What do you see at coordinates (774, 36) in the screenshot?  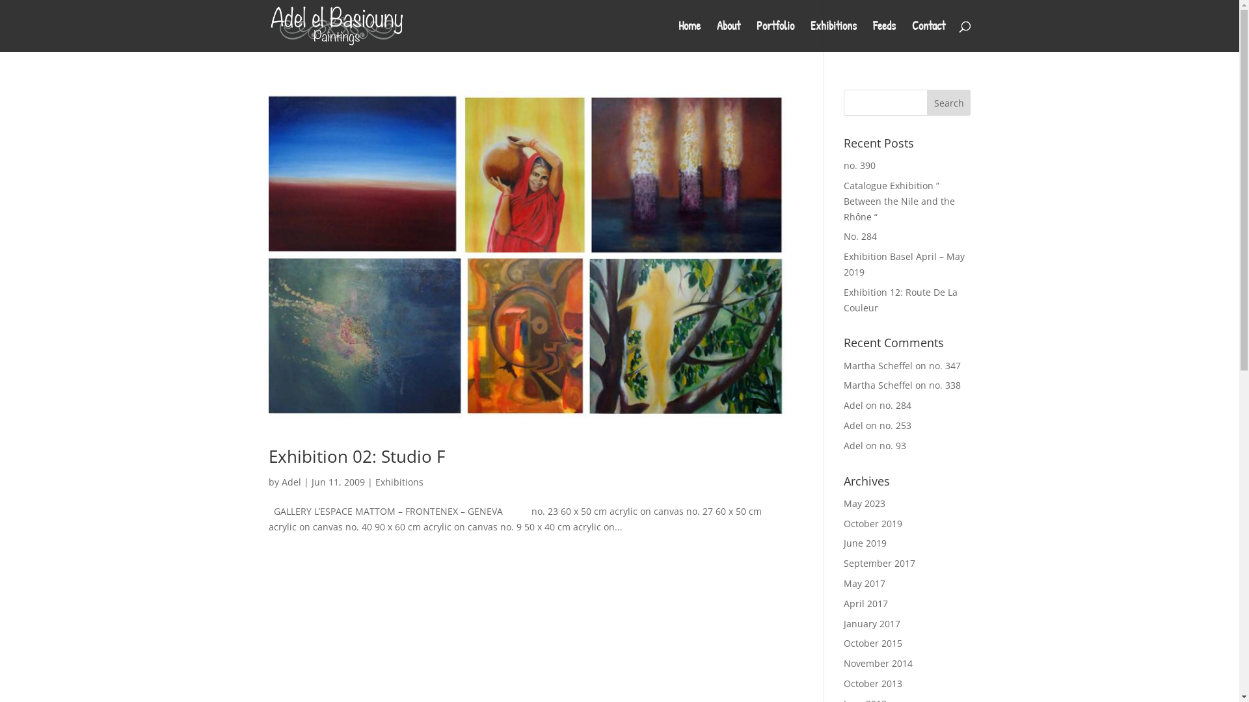 I see `'Portfolio'` at bounding box center [774, 36].